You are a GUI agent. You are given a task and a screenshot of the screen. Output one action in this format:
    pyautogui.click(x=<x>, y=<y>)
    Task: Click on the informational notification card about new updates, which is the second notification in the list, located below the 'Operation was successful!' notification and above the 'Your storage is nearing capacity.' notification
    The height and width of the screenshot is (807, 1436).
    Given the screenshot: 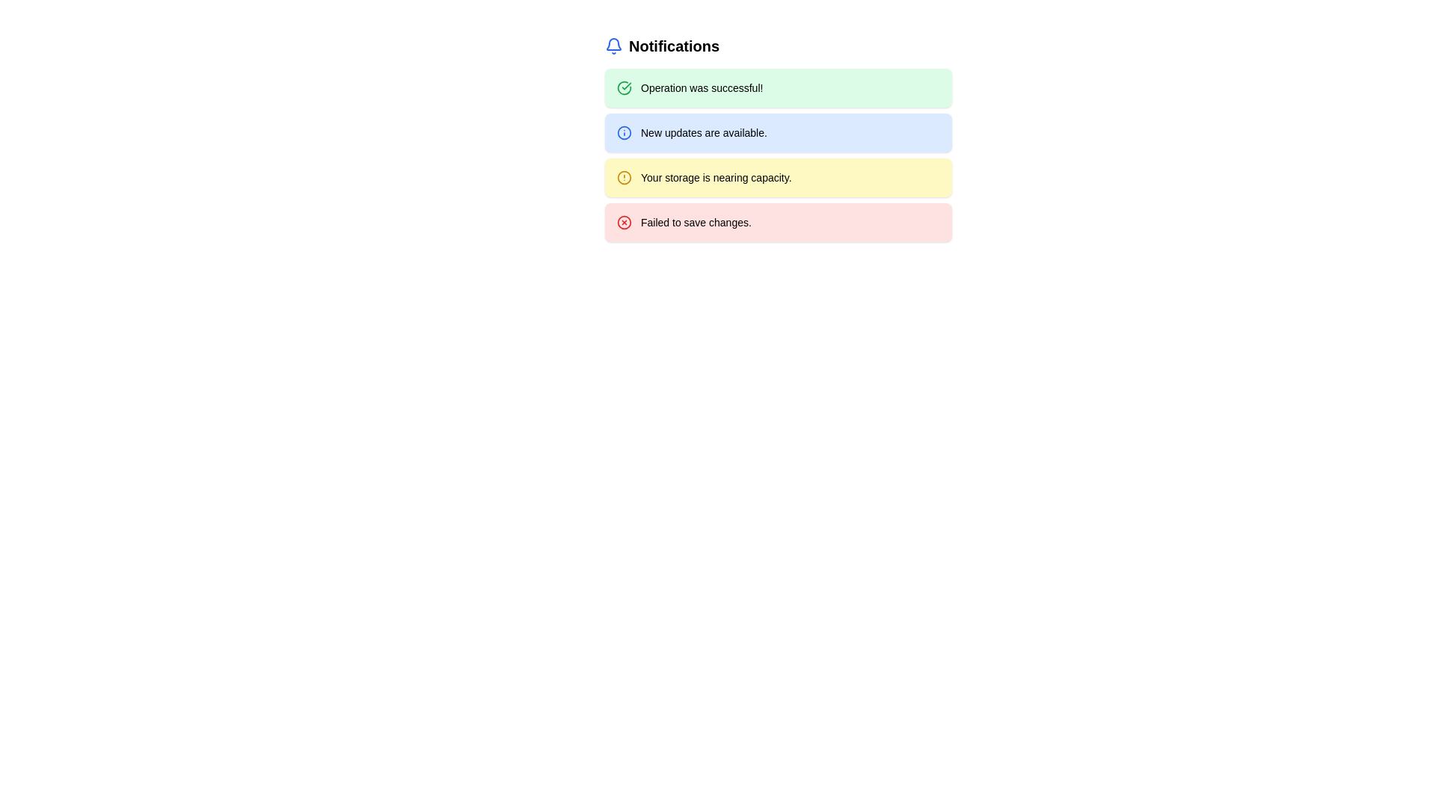 What is the action you would take?
    pyautogui.click(x=778, y=138)
    